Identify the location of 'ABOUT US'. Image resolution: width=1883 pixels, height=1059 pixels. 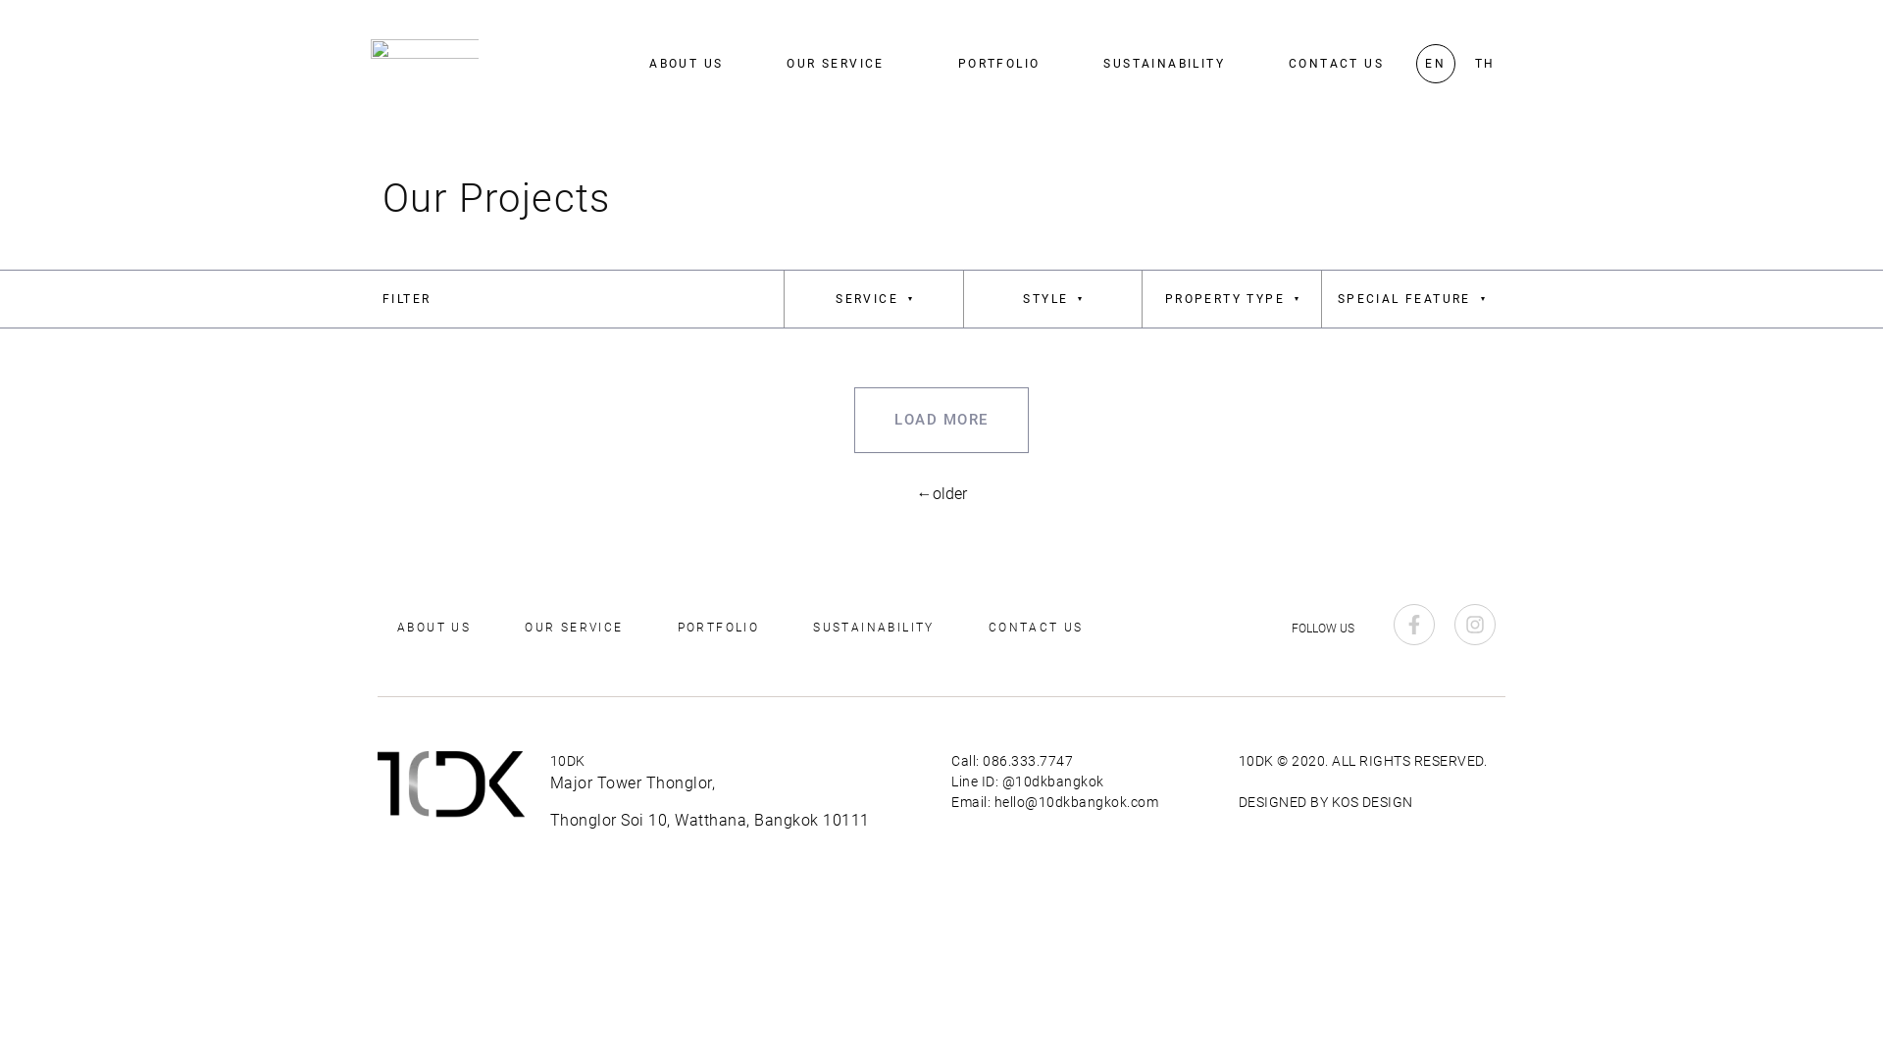
(686, 63).